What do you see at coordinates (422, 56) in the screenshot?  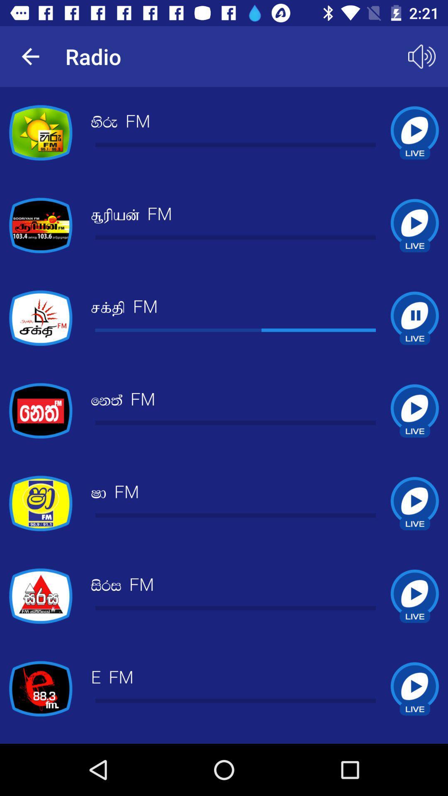 I see `the item next to radio icon` at bounding box center [422, 56].